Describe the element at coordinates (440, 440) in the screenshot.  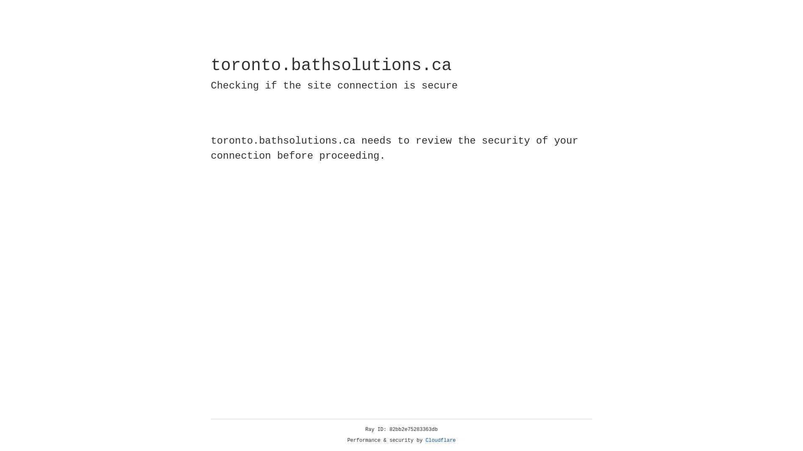
I see `'Cloudflare'` at that location.